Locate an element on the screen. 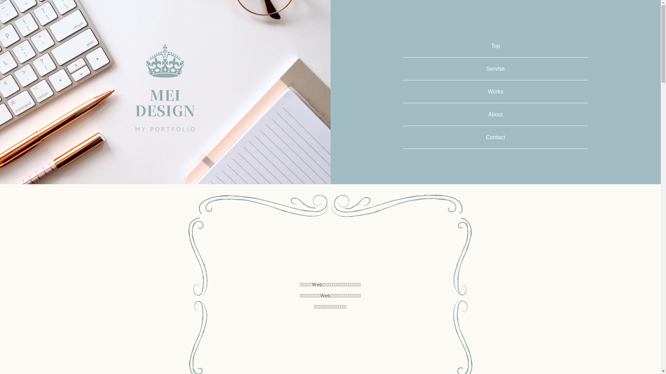 This screenshot has height=374, width=666. 'Contact' is located at coordinates (495, 137).